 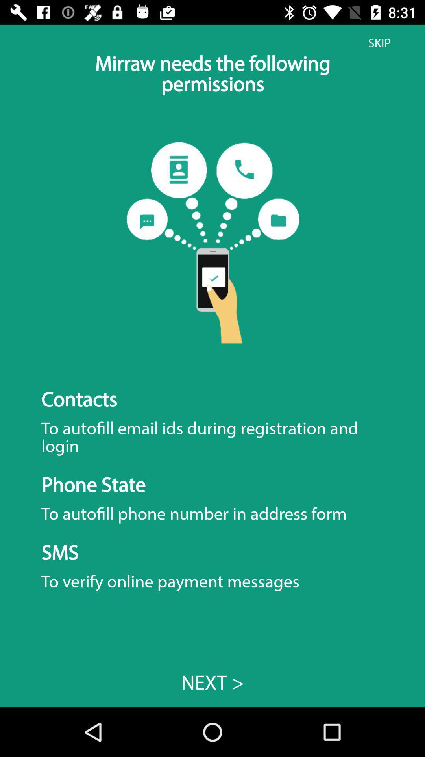 What do you see at coordinates (379, 43) in the screenshot?
I see `icon at the top right corner` at bounding box center [379, 43].